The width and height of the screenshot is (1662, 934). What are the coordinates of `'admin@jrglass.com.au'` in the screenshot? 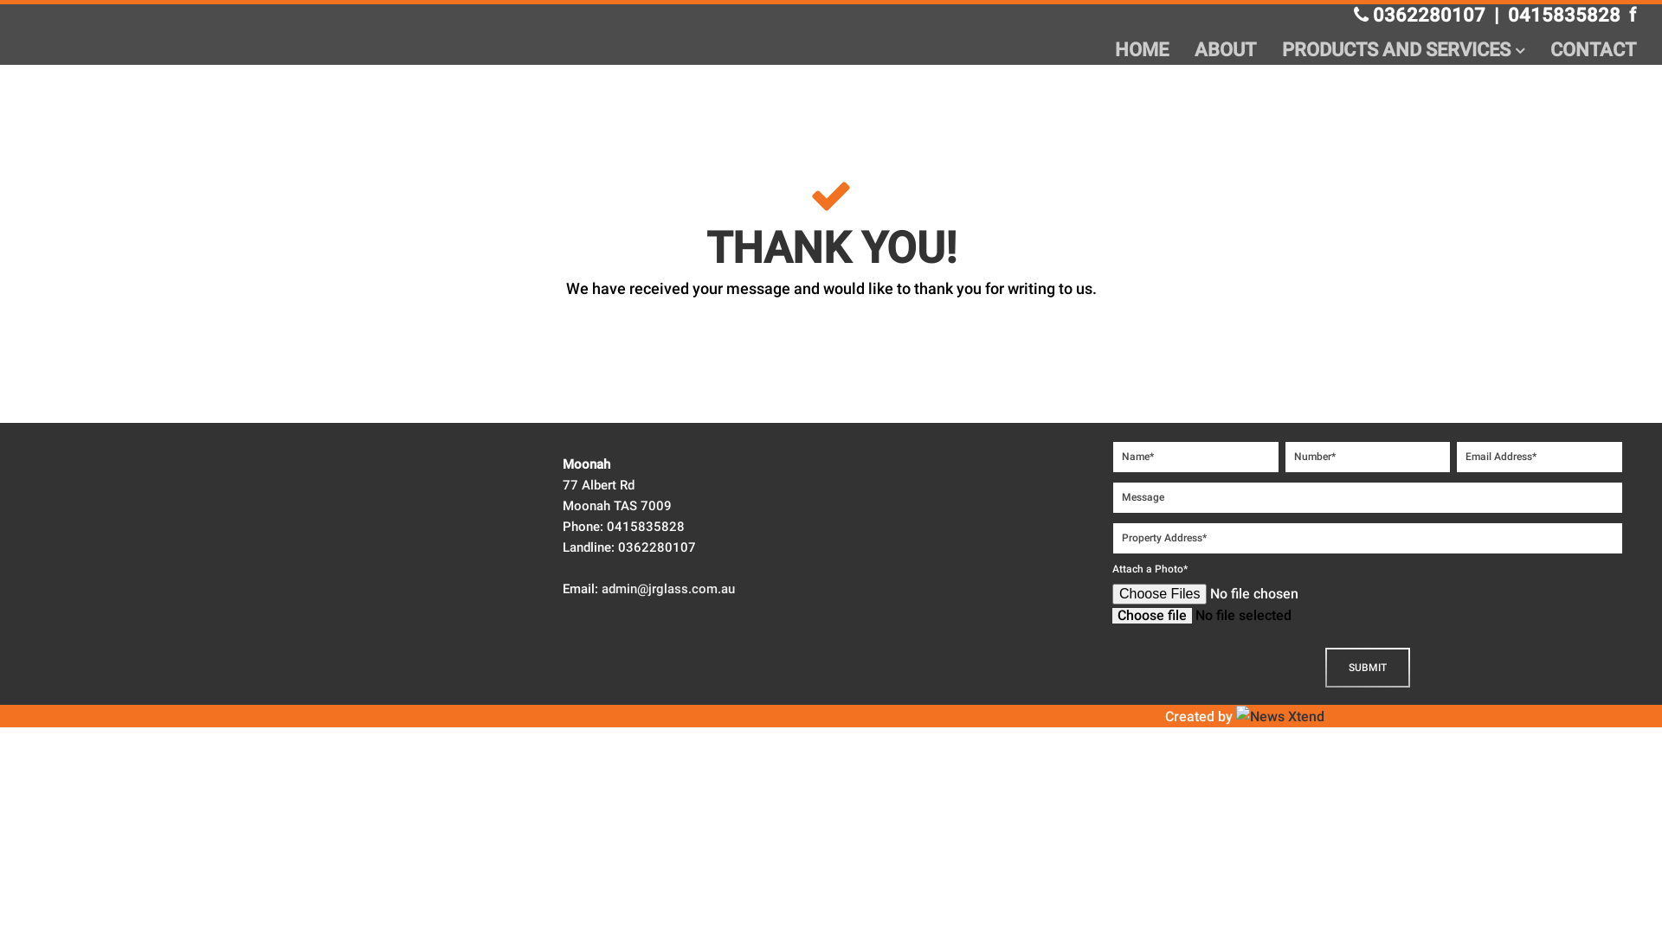 It's located at (667, 588).